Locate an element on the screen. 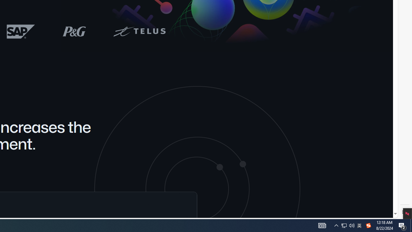 This screenshot has width=412, height=232. 'P&G logo' is located at coordinates (74, 31).